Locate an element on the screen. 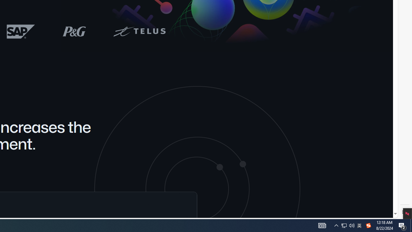 This screenshot has width=412, height=232. 'P&G logo' is located at coordinates (74, 31).